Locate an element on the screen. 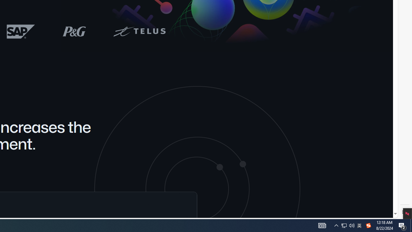 This screenshot has width=412, height=232. 'P&G logo' is located at coordinates (74, 31).